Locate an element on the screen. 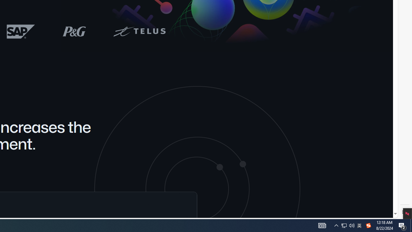 This screenshot has width=412, height=232. 'P&G logo' is located at coordinates (74, 31).